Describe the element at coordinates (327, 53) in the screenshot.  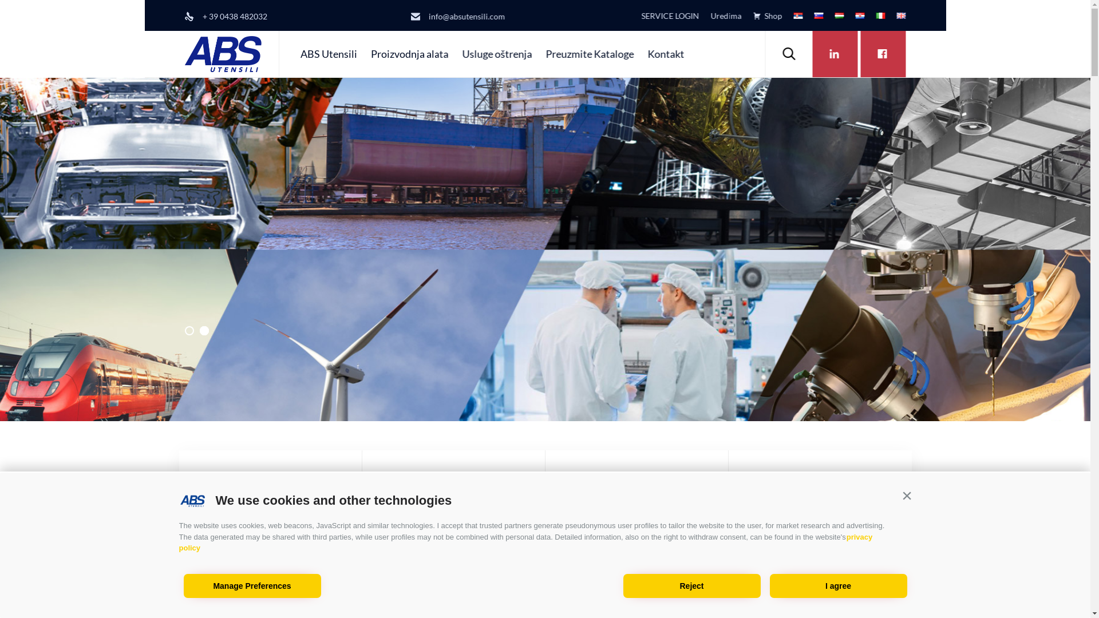
I see `'ABS Utensili'` at that location.